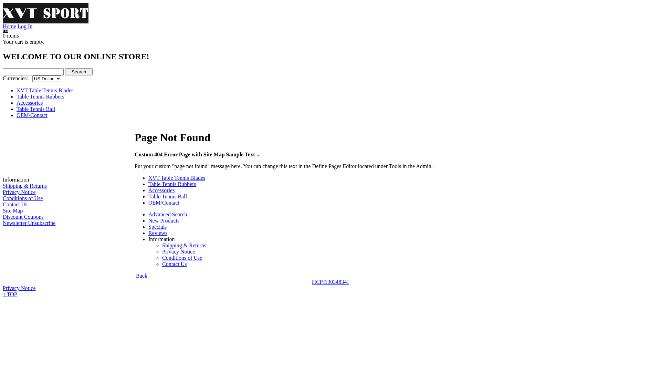 Image resolution: width=661 pixels, height=372 pixels. I want to click on ' English ', so click(5, 31).